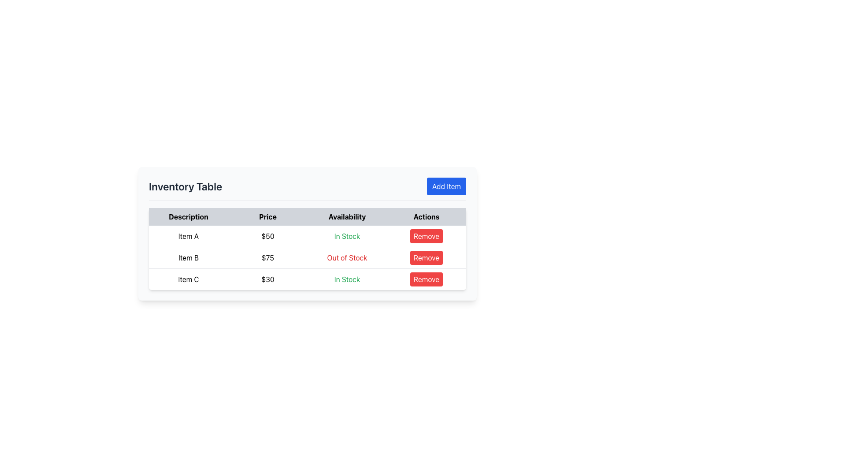 The width and height of the screenshot is (846, 476). Describe the element at coordinates (446, 186) in the screenshot. I see `the 'Add Item' button located at the top-right corner of the 'Inventory Table' panel to initiate an action` at that location.